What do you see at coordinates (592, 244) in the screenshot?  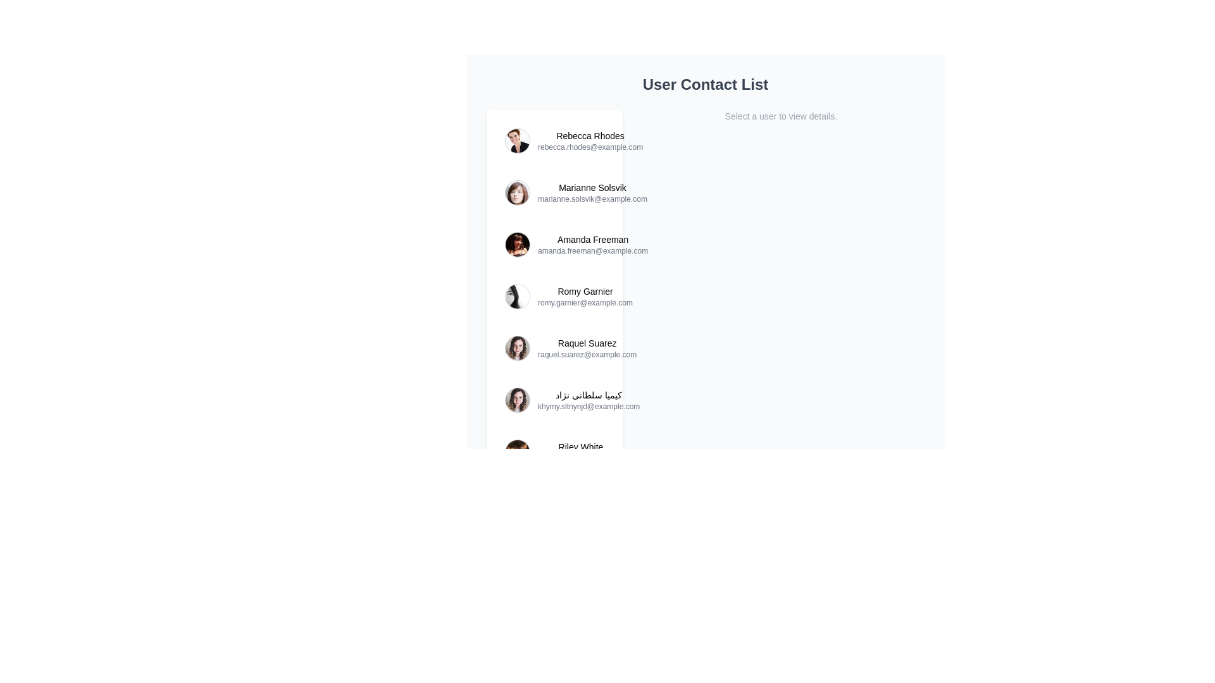 I see `text displayed in the Text block for the user 'Amanda Freeman', which includes her name in bold and her email address beneath it` at bounding box center [592, 244].